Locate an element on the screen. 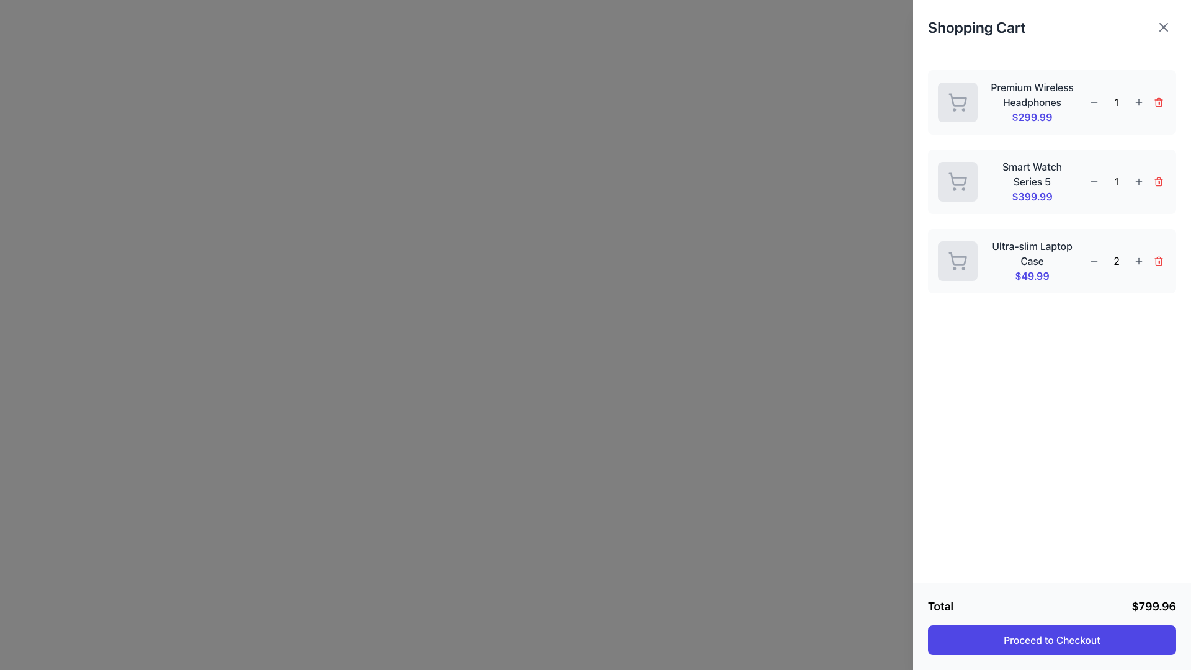  the static text label displaying the product name in the shopping cart interface, located above the price label '$399.99' is located at coordinates (1032, 174).